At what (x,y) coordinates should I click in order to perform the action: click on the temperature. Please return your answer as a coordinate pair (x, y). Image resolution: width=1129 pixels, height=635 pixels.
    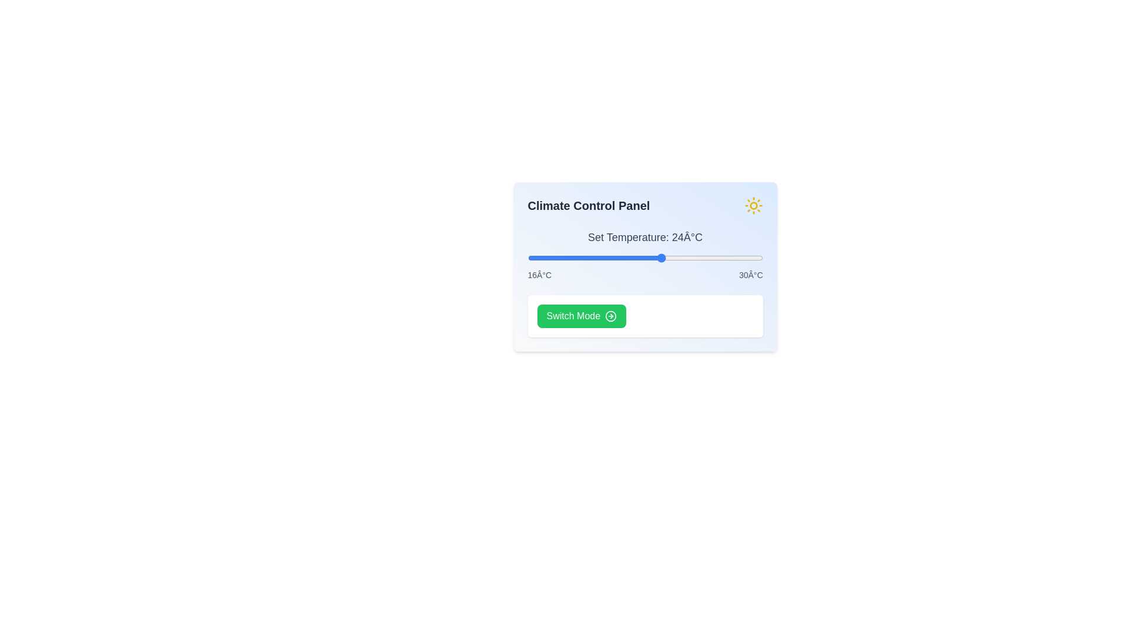
    Looking at the image, I should click on (679, 258).